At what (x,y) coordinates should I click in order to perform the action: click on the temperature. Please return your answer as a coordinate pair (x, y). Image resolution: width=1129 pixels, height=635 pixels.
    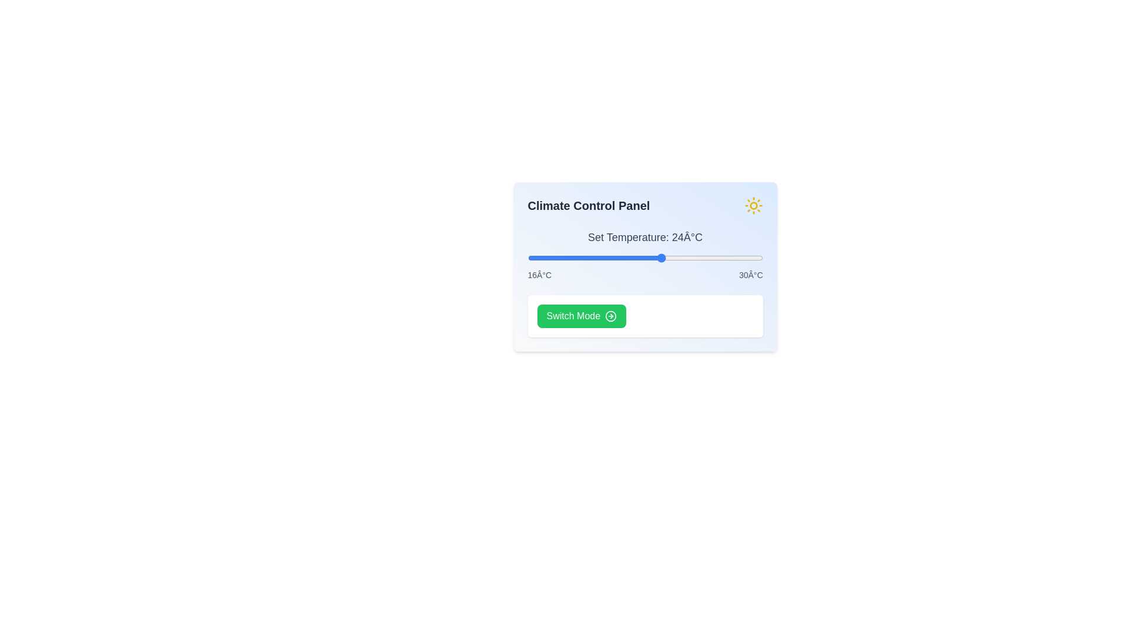
    Looking at the image, I should click on (679, 258).